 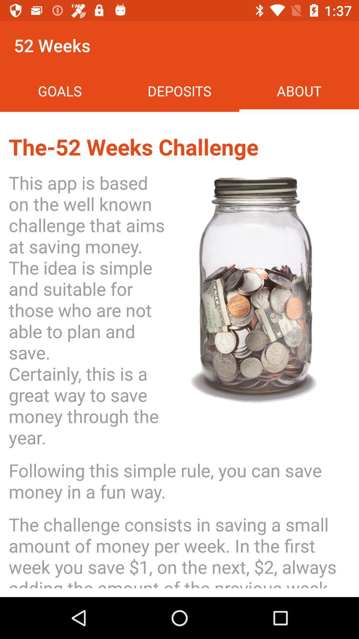 I want to click on the about at the top right corner, so click(x=299, y=91).